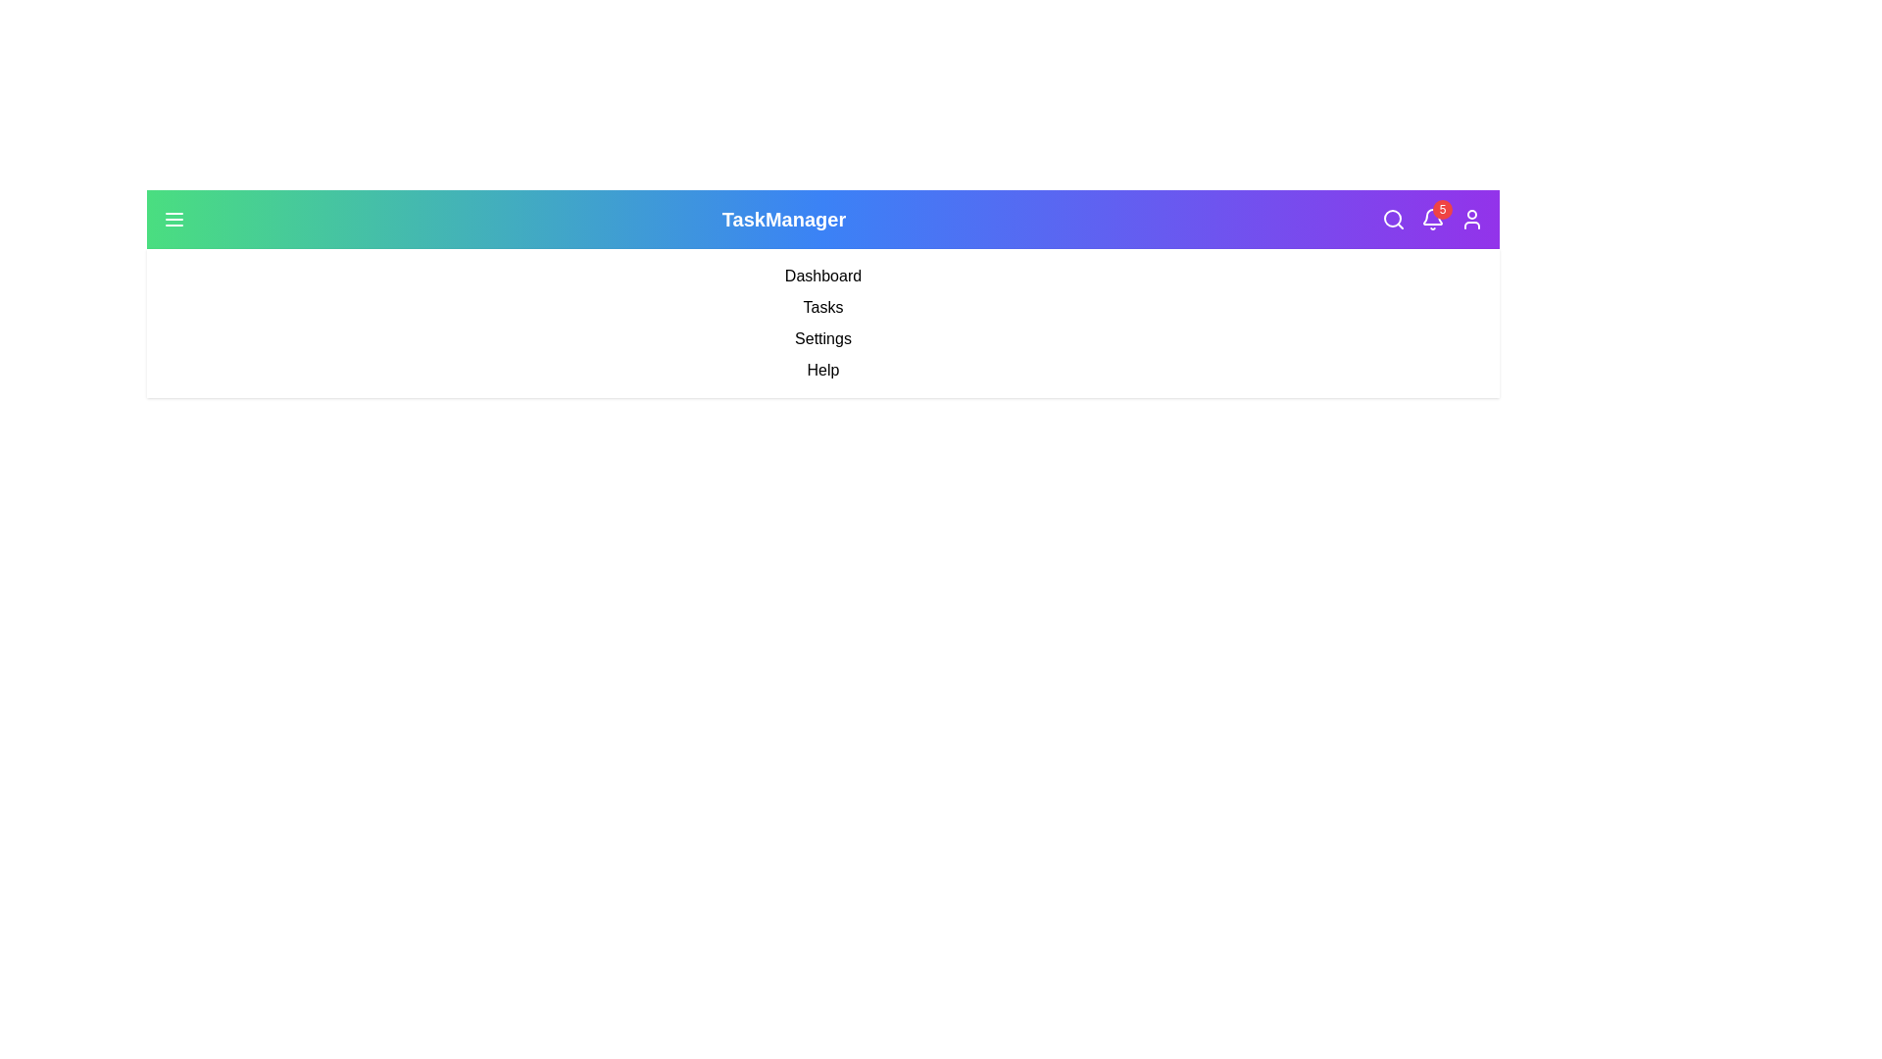 The image size is (1882, 1059). What do you see at coordinates (823, 371) in the screenshot?
I see `the static text label displaying 'Help', which is styled in black font on a white background and is the last item in a vertical list of text labels` at bounding box center [823, 371].